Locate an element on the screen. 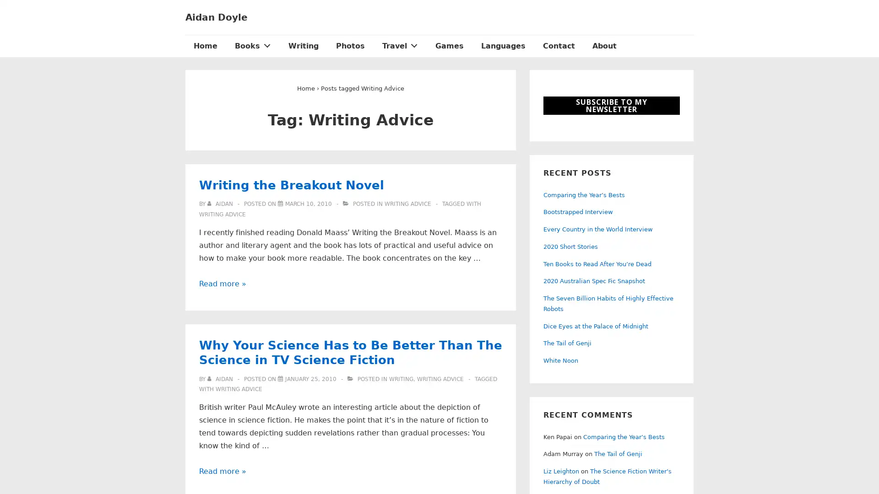 The image size is (879, 494). SUBSCRIBE TO MY NEWSLETTER is located at coordinates (611, 105).